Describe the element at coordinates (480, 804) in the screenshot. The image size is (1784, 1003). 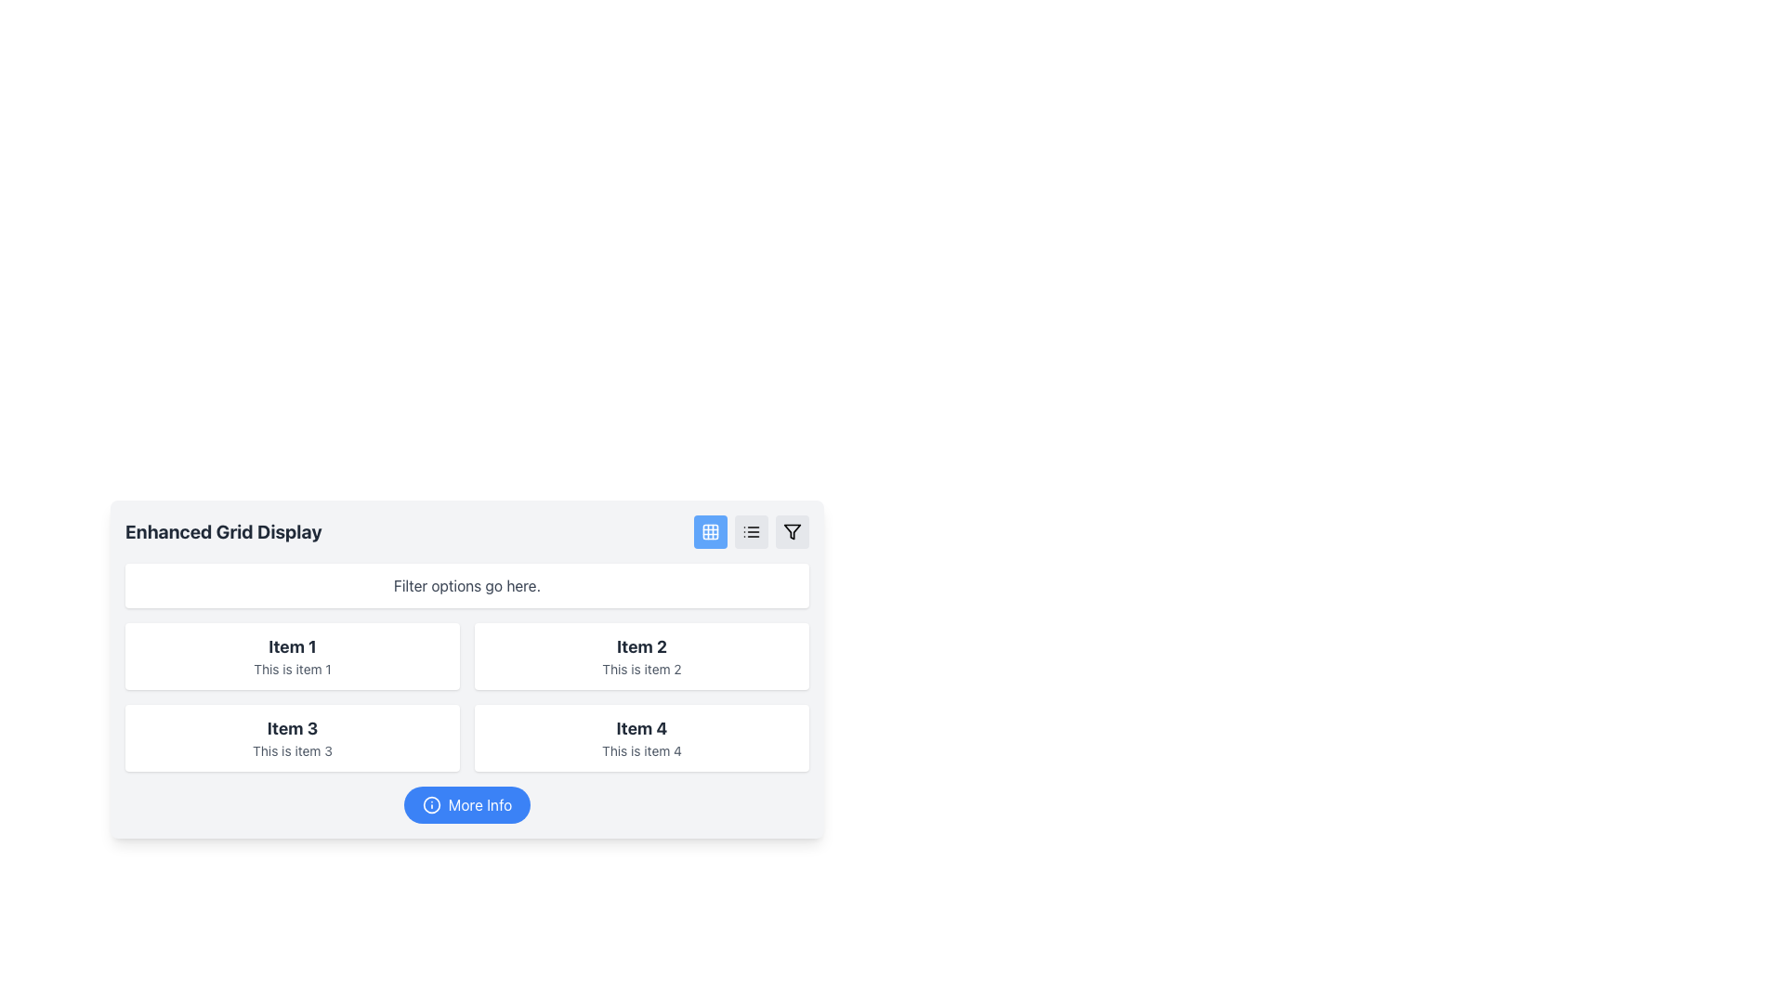
I see `text label 'More Info' that is displayed within a blue background button located at the bottom center of the interface` at that location.